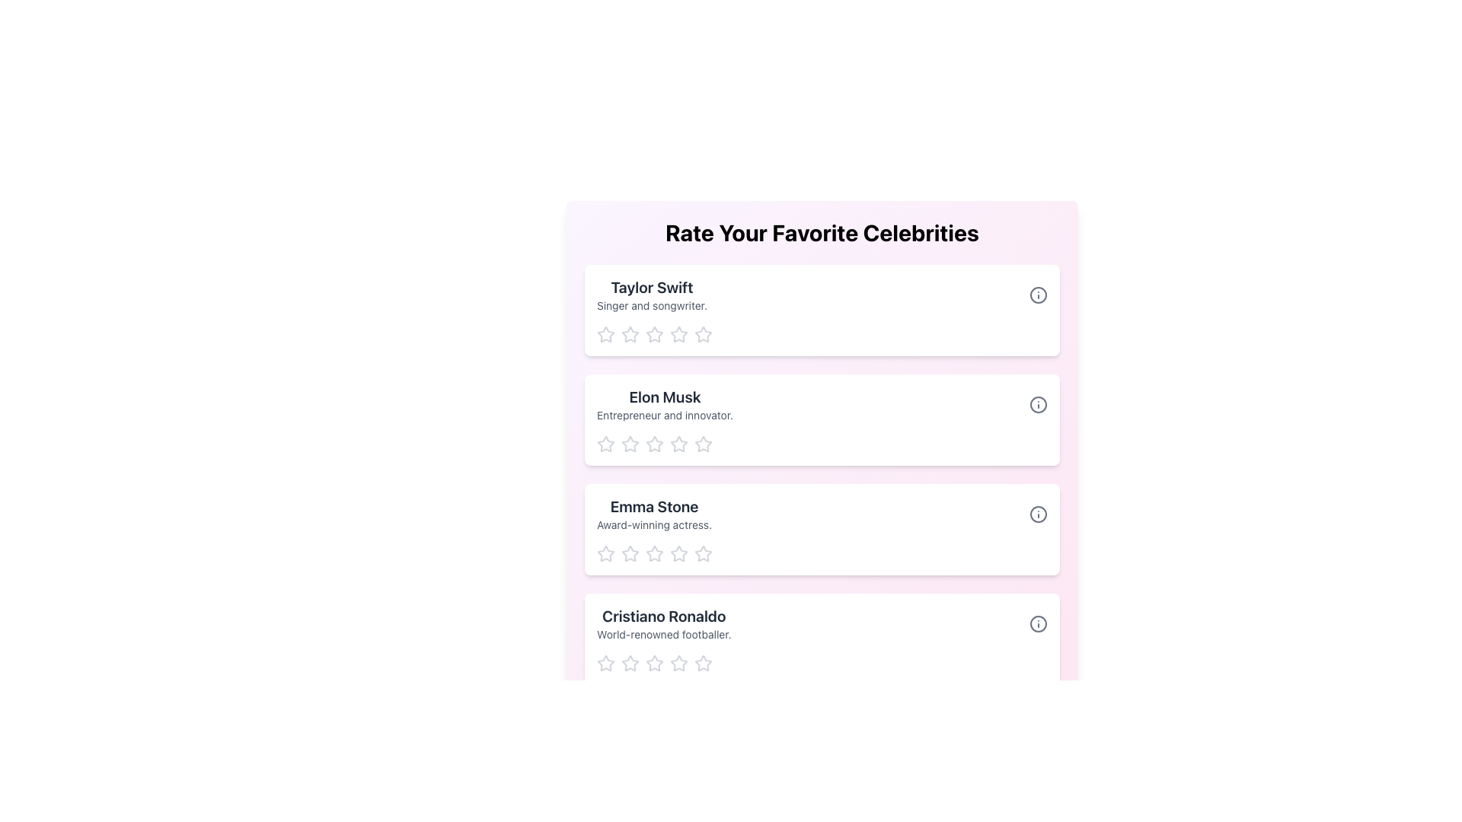 Image resolution: width=1462 pixels, height=822 pixels. Describe the element at coordinates (654, 444) in the screenshot. I see `the second star icon in the rating component associated with 'Elon Musk'` at that location.